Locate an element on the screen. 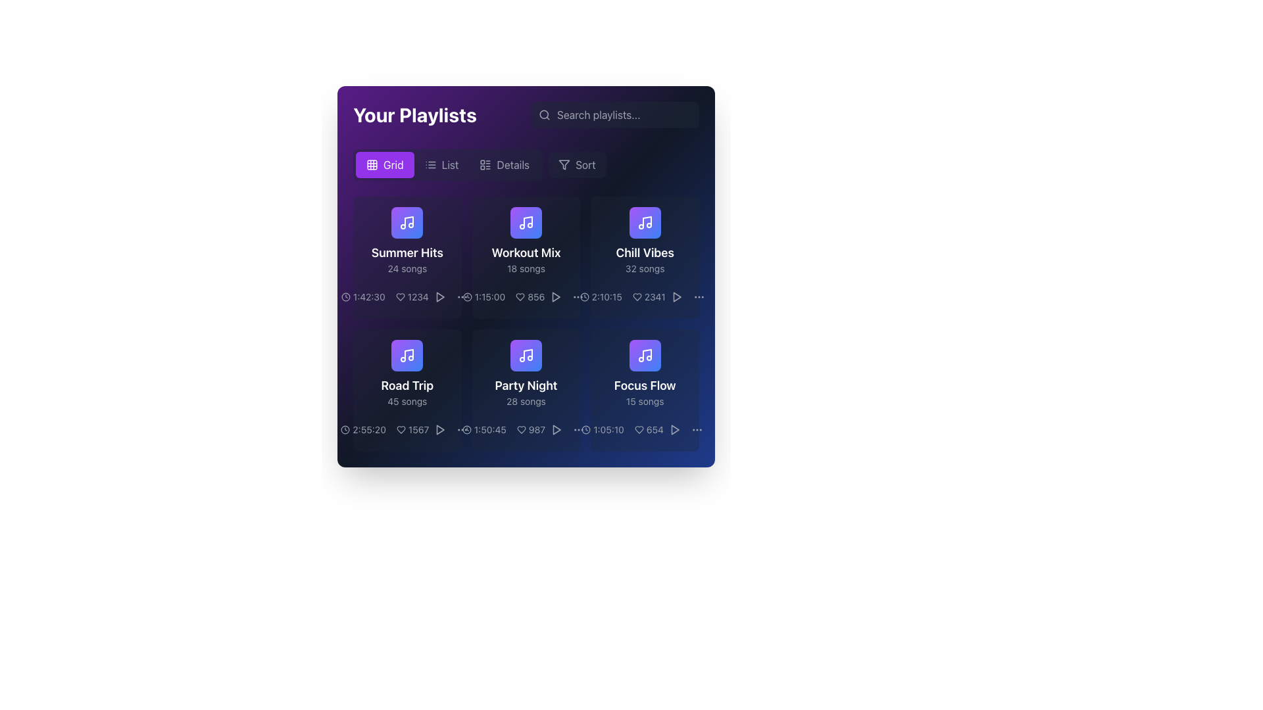 The width and height of the screenshot is (1263, 710). the heart icon indicating the 'like' count for the 'Party Night' playlist, located to the left of the number '987' is located at coordinates (520, 430).